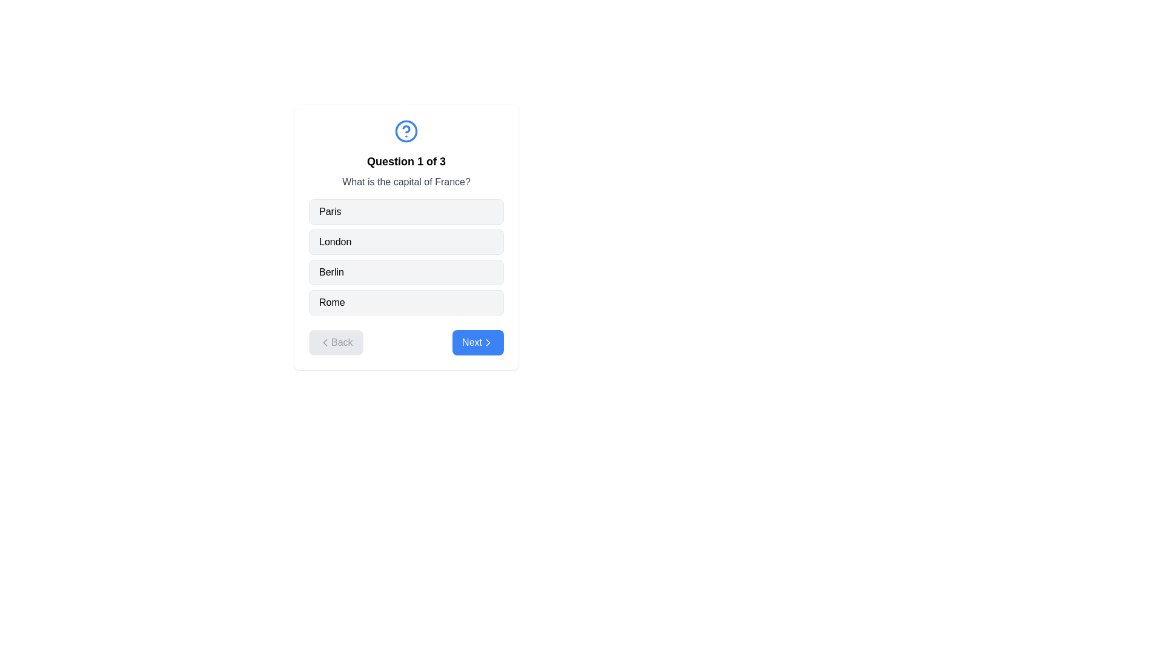  I want to click on the help icon located at the top section of the question box, directly above the text 'Question 1 of 3', so click(406, 131).